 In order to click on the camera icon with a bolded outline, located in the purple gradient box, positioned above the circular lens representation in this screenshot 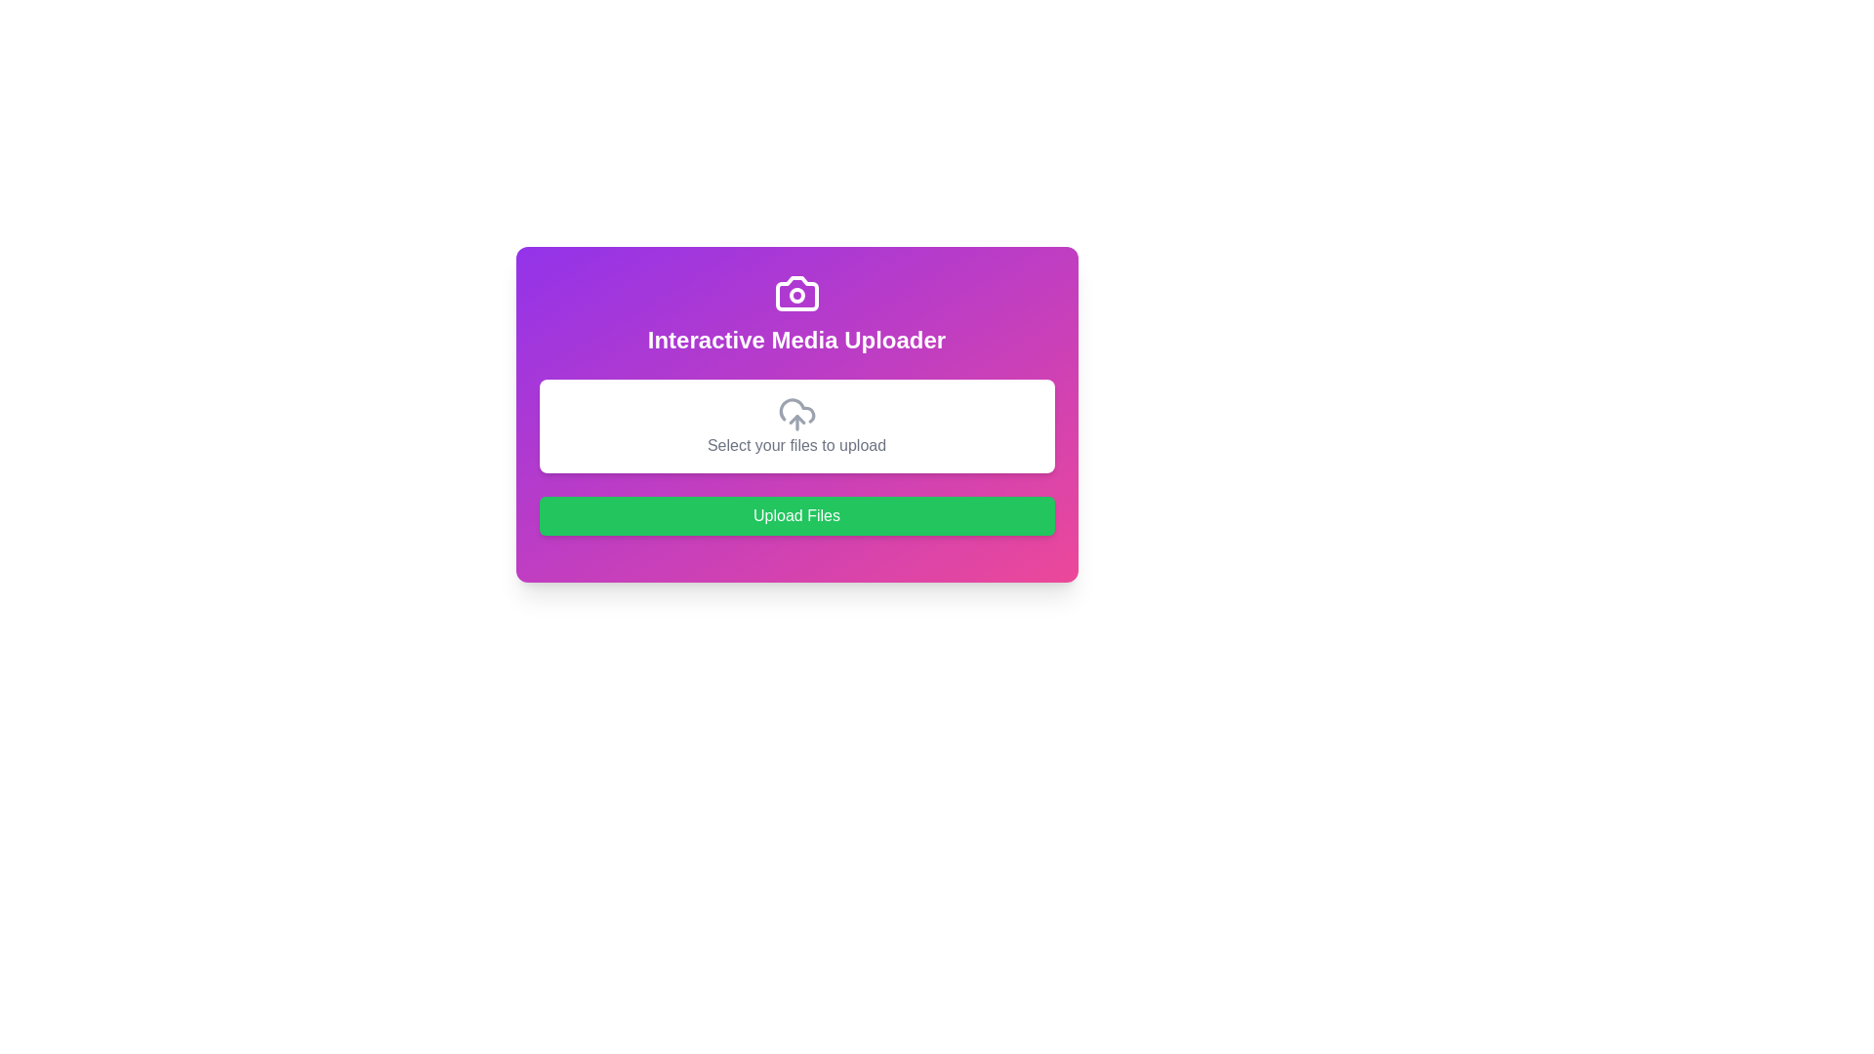, I will do `click(796, 293)`.